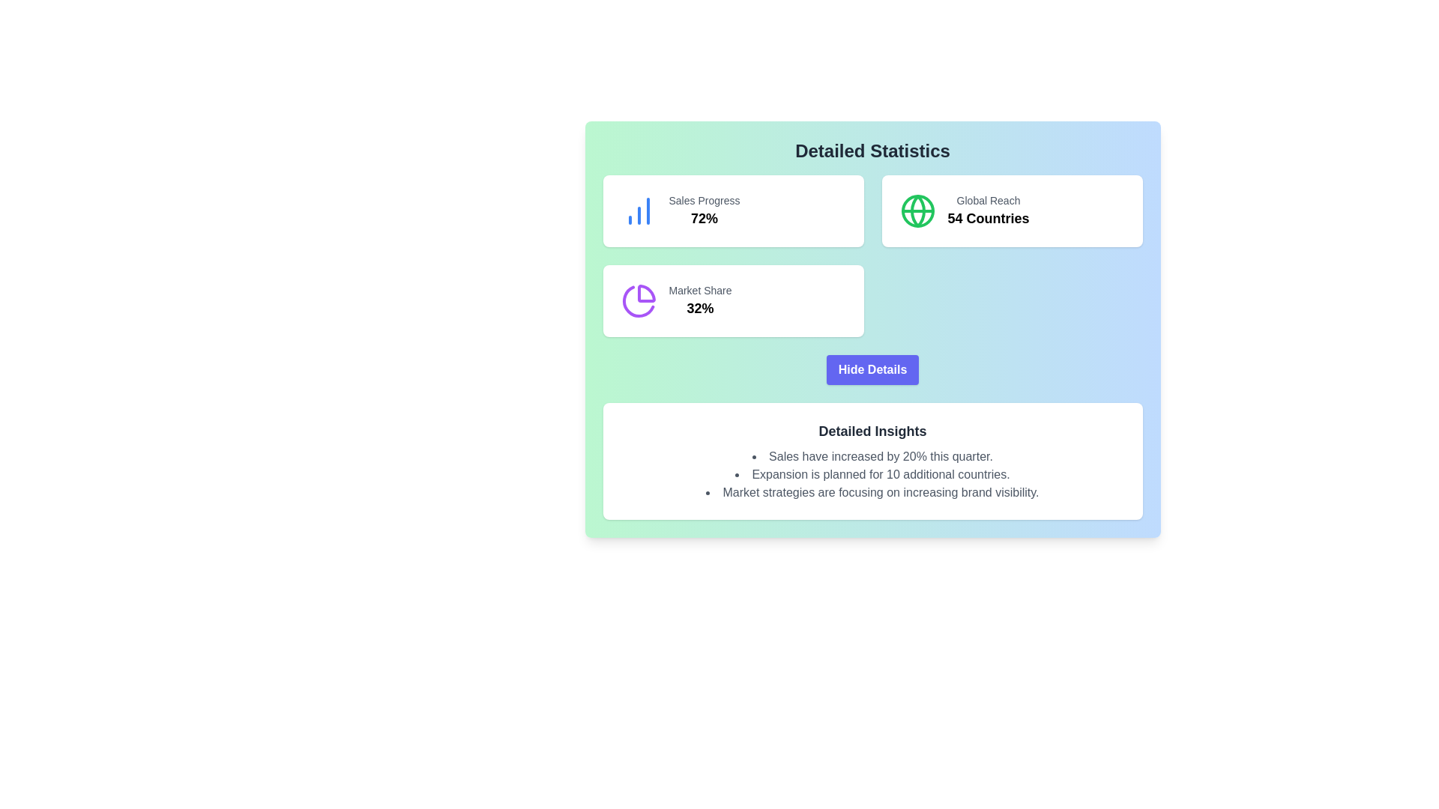 Image resolution: width=1439 pixels, height=809 pixels. What do you see at coordinates (733, 300) in the screenshot?
I see `the Information card that provides a summary of the market share metric, located in the bottom-left quadrant under the 'Detailed Statistics' section, third in the grid layout` at bounding box center [733, 300].